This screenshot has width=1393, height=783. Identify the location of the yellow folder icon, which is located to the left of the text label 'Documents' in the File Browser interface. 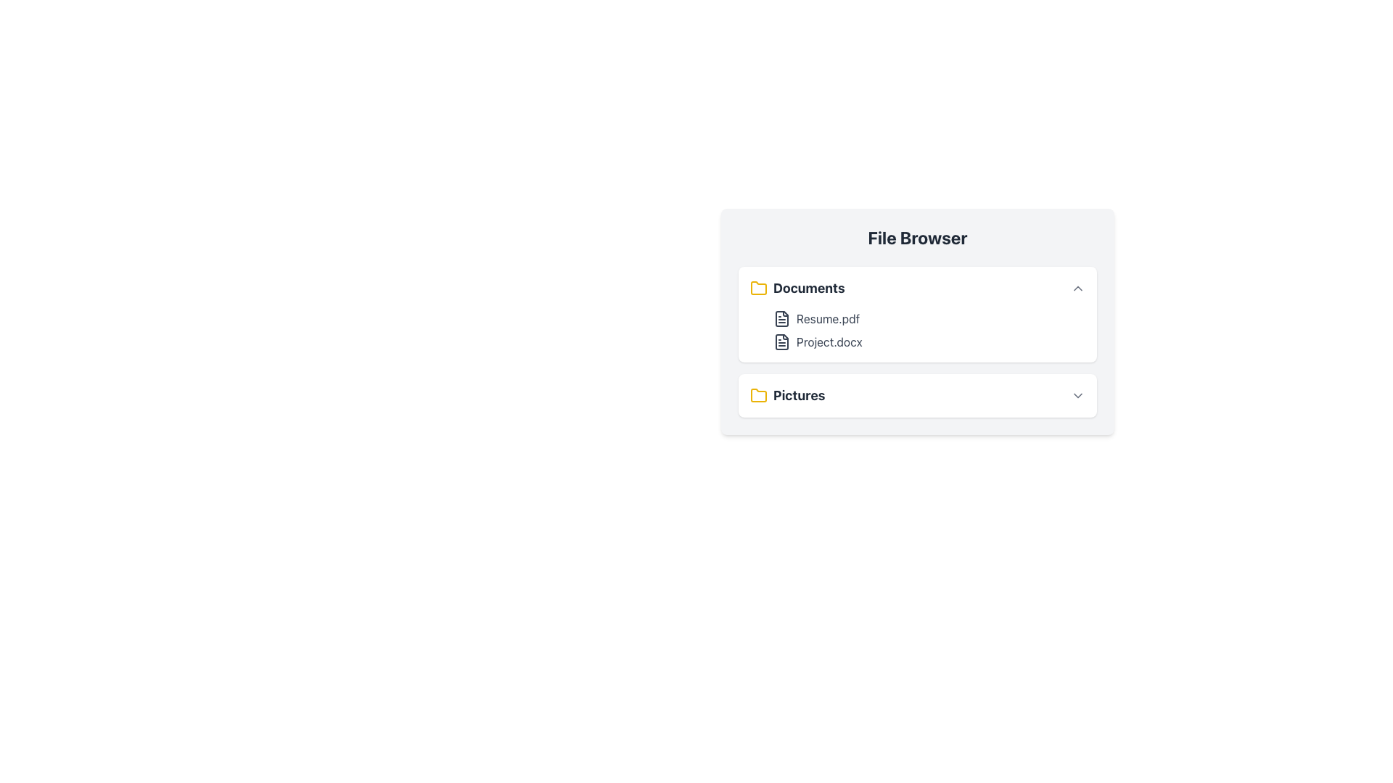
(758, 288).